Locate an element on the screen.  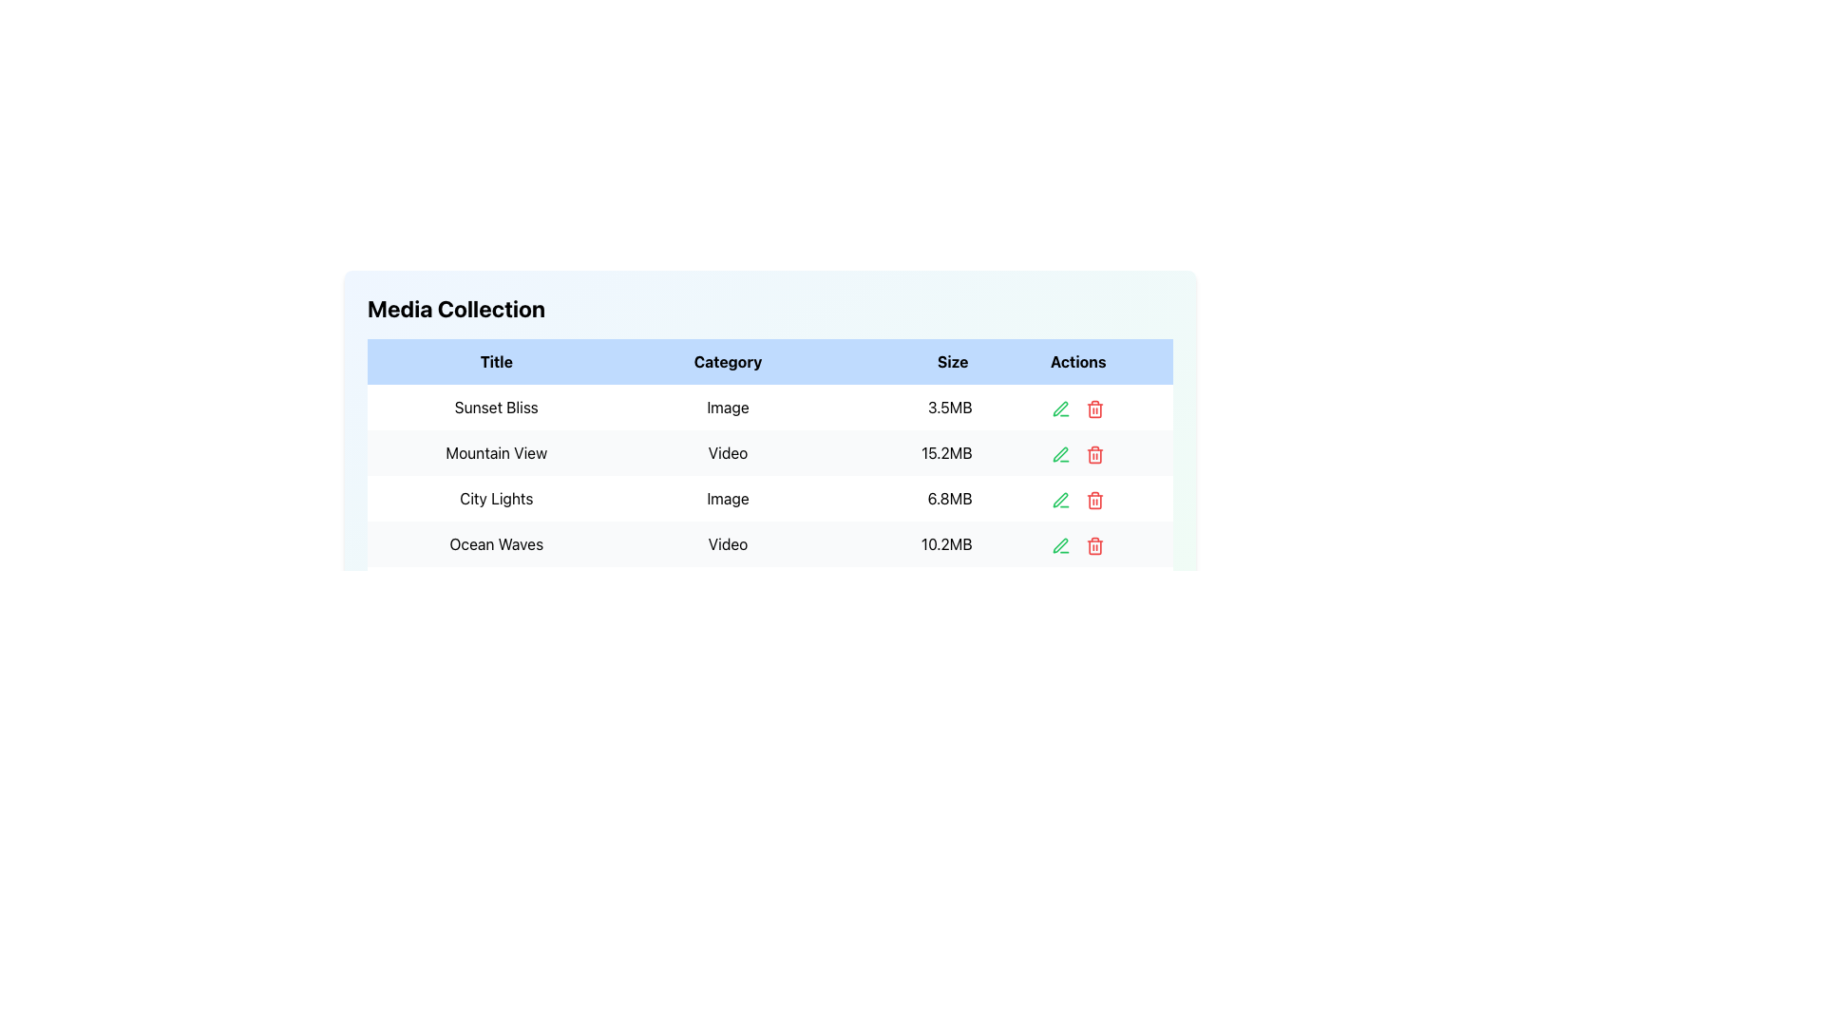
the delete icon button located in the 'Actions' column of the second row in the 'Media Collection' table is located at coordinates (1095, 454).